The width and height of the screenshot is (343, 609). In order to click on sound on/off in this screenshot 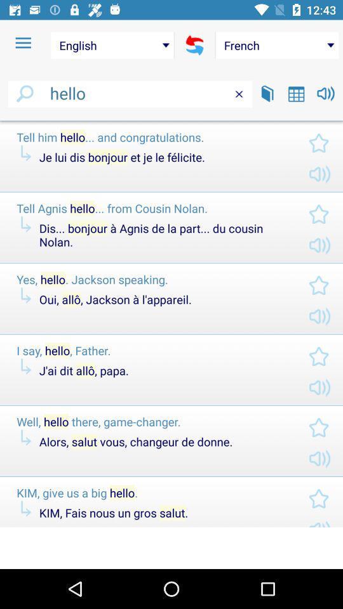, I will do `click(326, 93)`.